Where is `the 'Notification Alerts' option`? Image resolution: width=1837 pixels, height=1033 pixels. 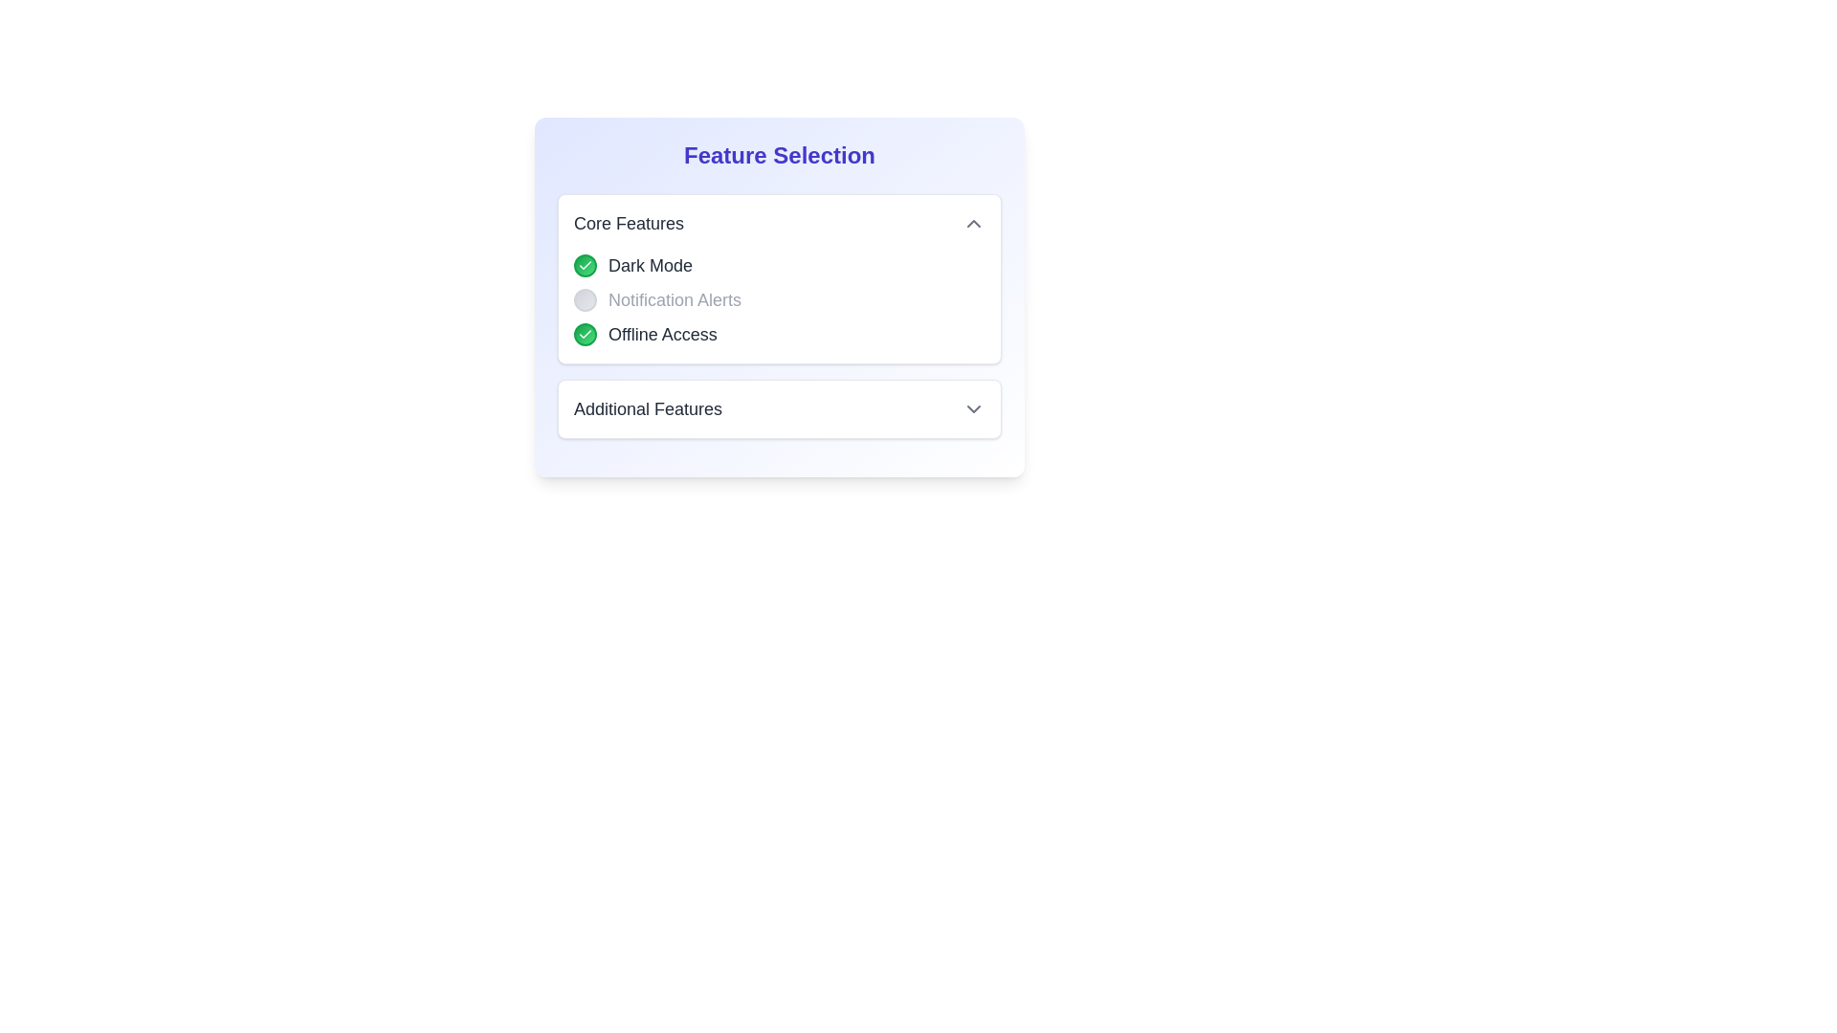 the 'Notification Alerts' option is located at coordinates (780, 299).